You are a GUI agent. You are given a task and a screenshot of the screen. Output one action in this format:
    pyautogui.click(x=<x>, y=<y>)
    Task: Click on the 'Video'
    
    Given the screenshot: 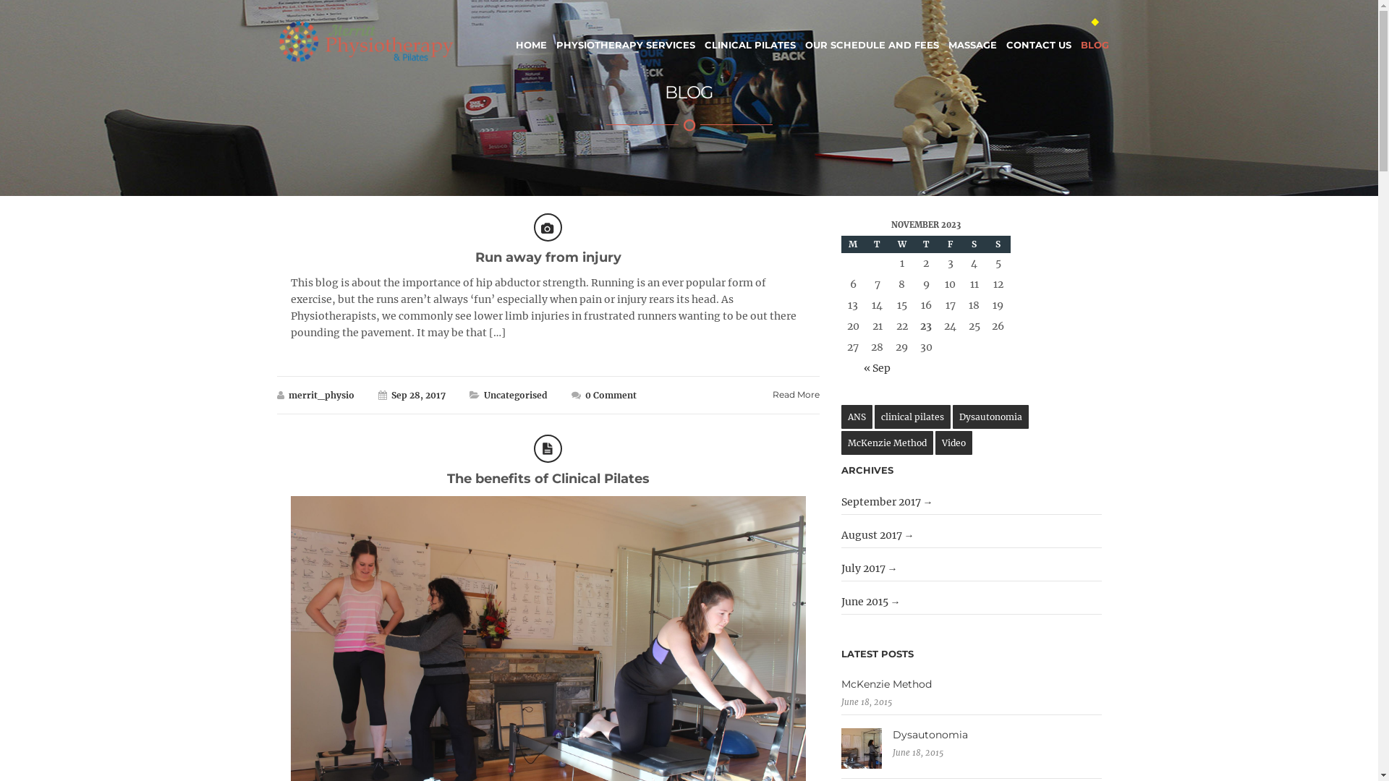 What is the action you would take?
    pyautogui.click(x=953, y=442)
    